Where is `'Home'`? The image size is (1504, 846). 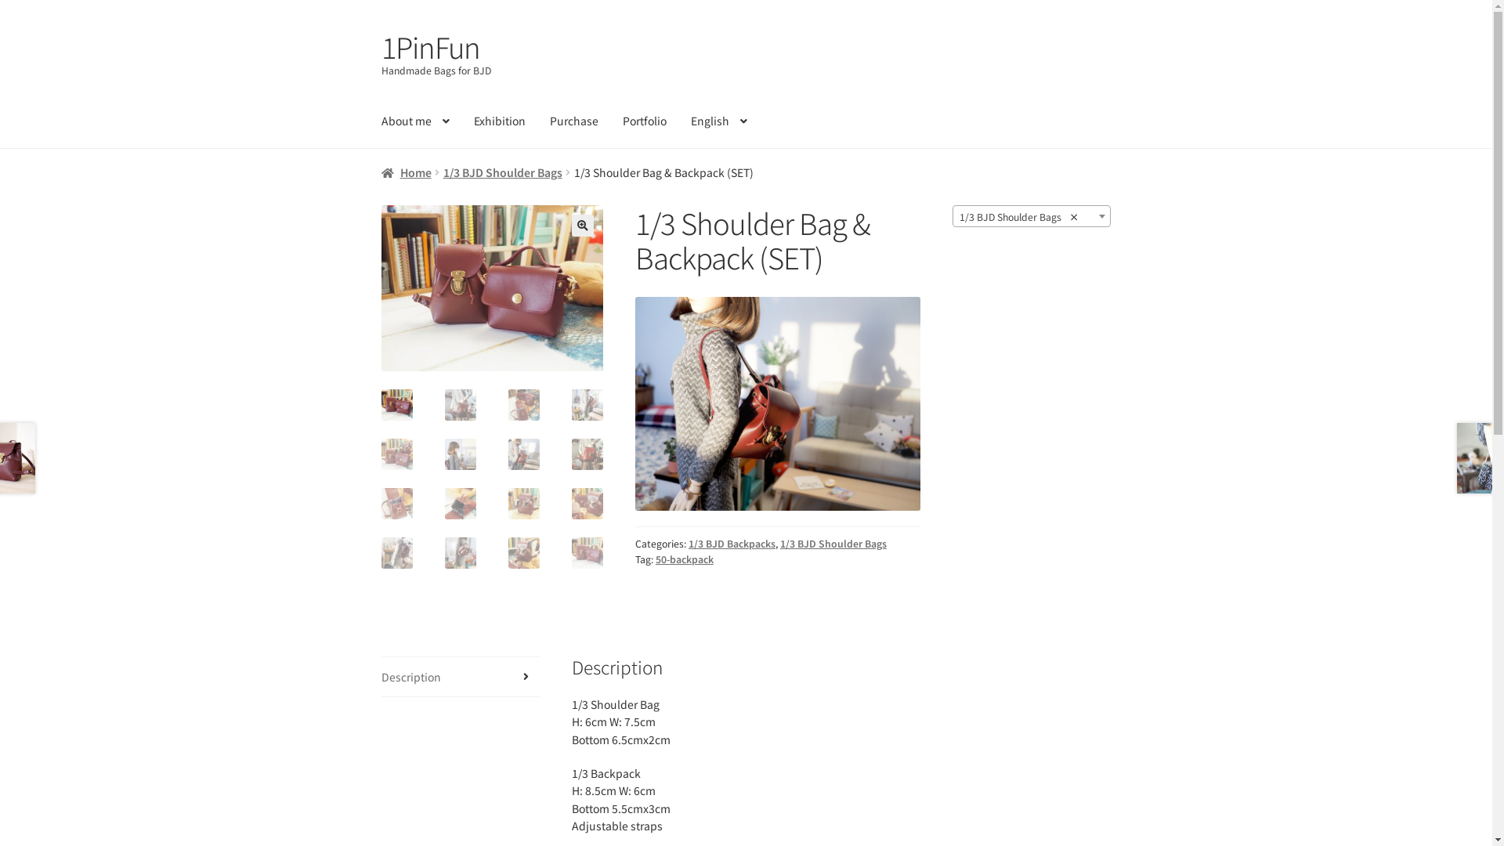 'Home' is located at coordinates (381, 172).